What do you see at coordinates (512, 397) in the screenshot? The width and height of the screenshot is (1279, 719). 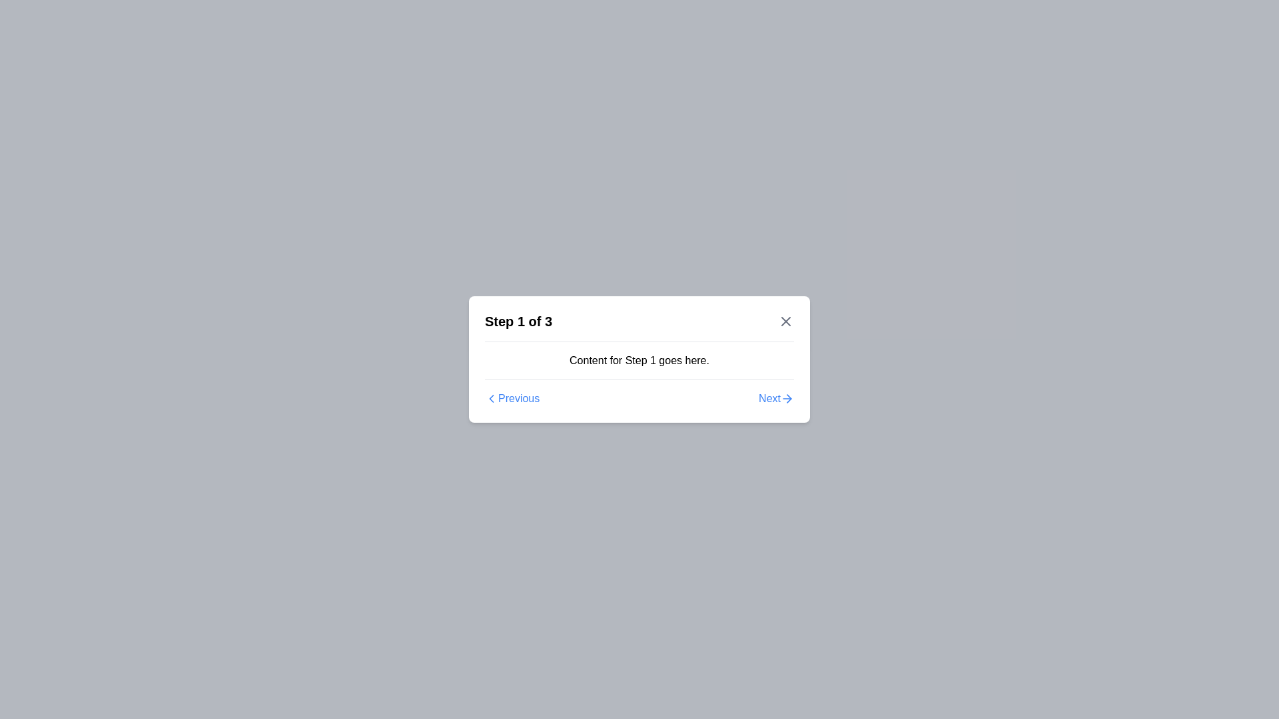 I see `the 'Previous' link button with a chevron icon` at bounding box center [512, 397].